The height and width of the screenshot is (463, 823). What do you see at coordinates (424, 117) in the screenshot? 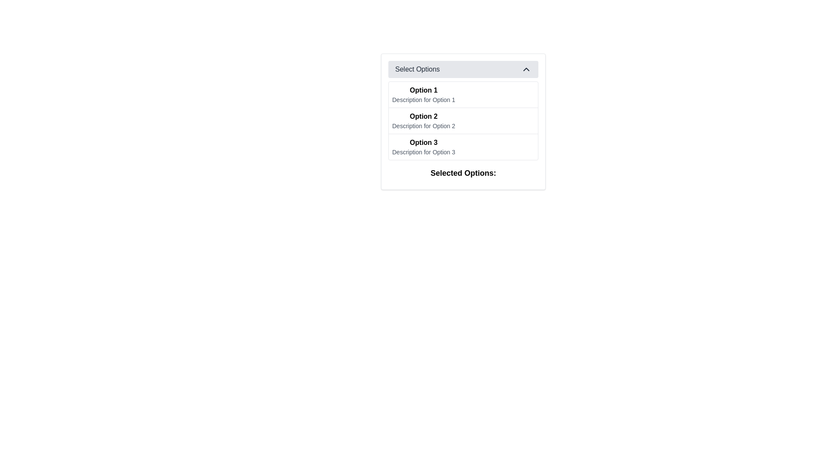
I see `the bold 'Option 2' text label` at bounding box center [424, 117].